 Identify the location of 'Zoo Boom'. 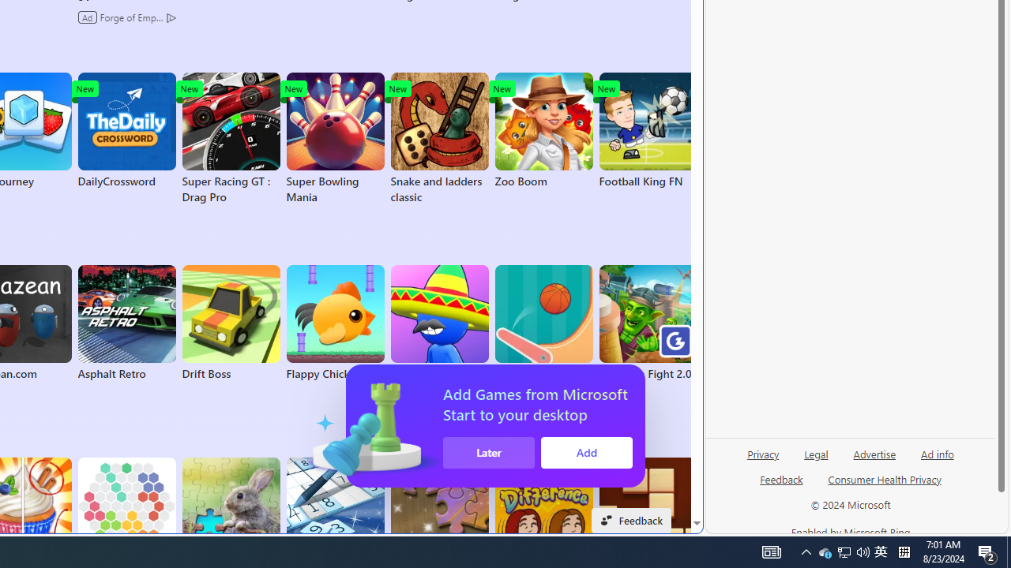
(543, 129).